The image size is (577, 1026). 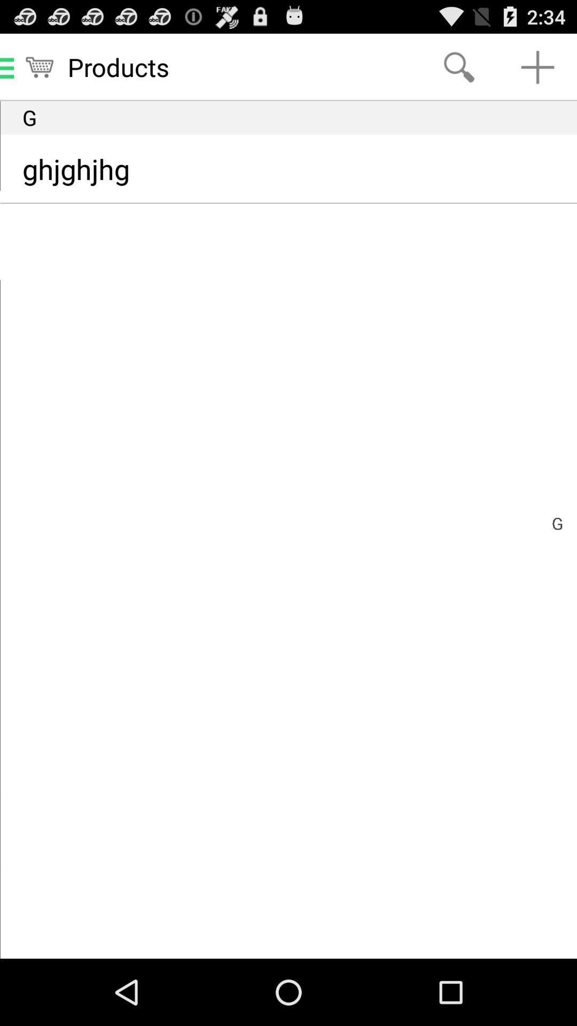 I want to click on app next to products, so click(x=458, y=66).